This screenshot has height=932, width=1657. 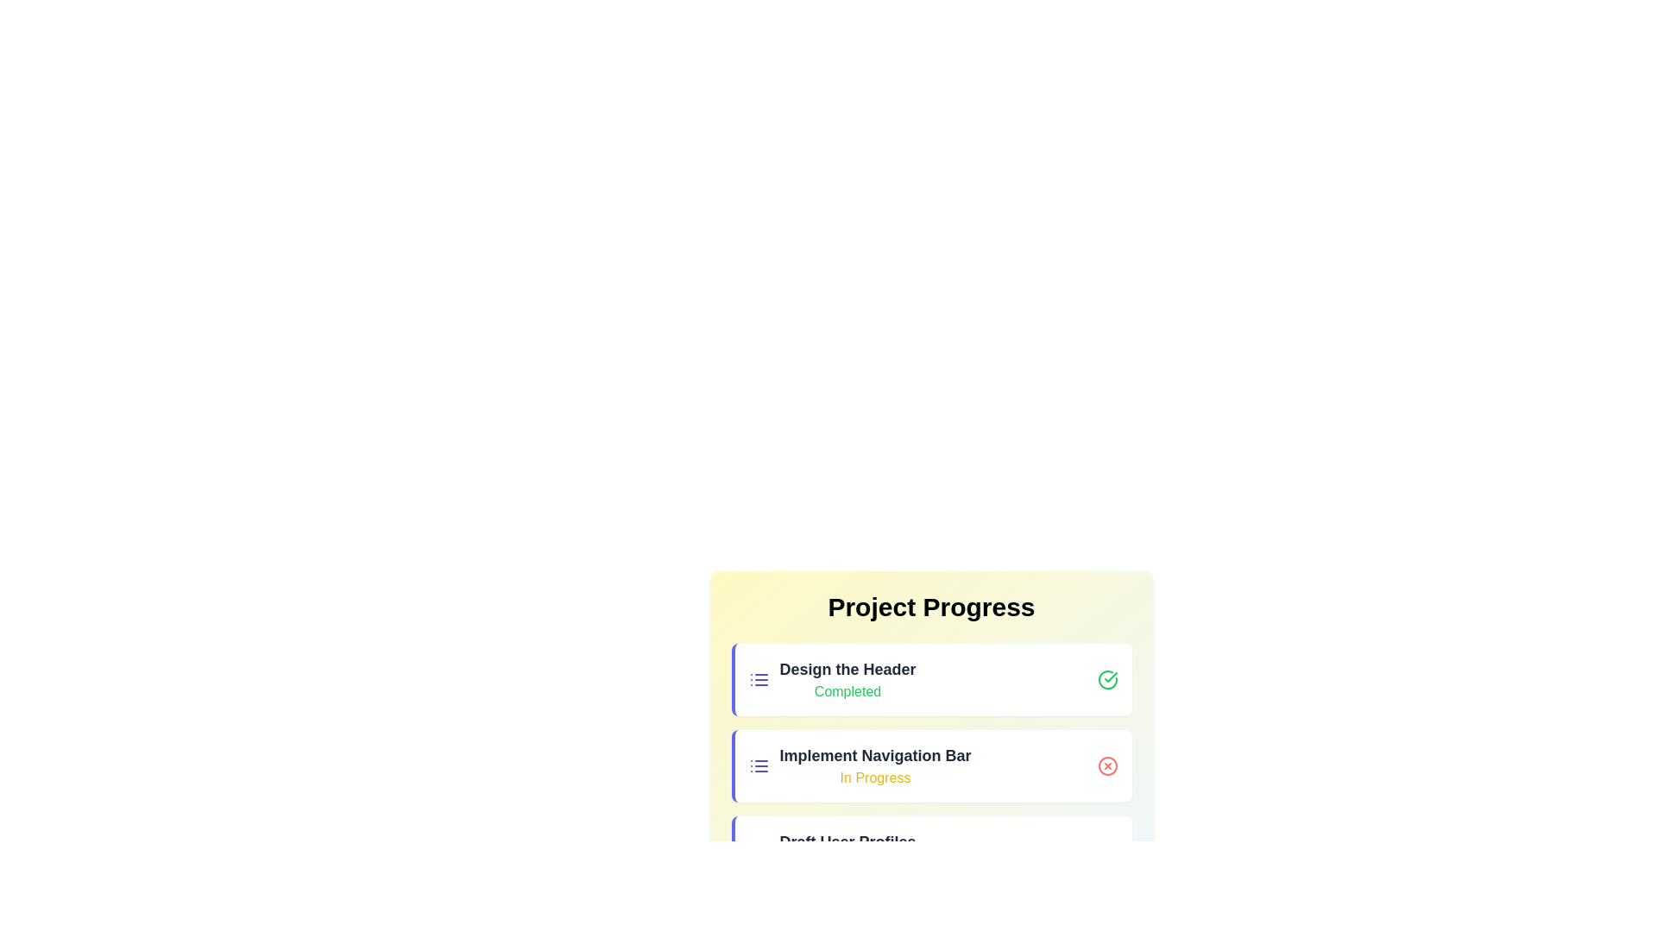 What do you see at coordinates (847, 668) in the screenshot?
I see `the task title Design the Header to expand or edit the task details` at bounding box center [847, 668].